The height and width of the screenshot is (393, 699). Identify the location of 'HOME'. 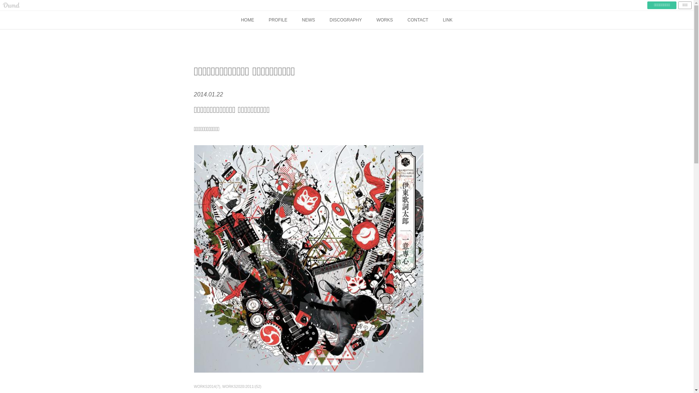
(248, 19).